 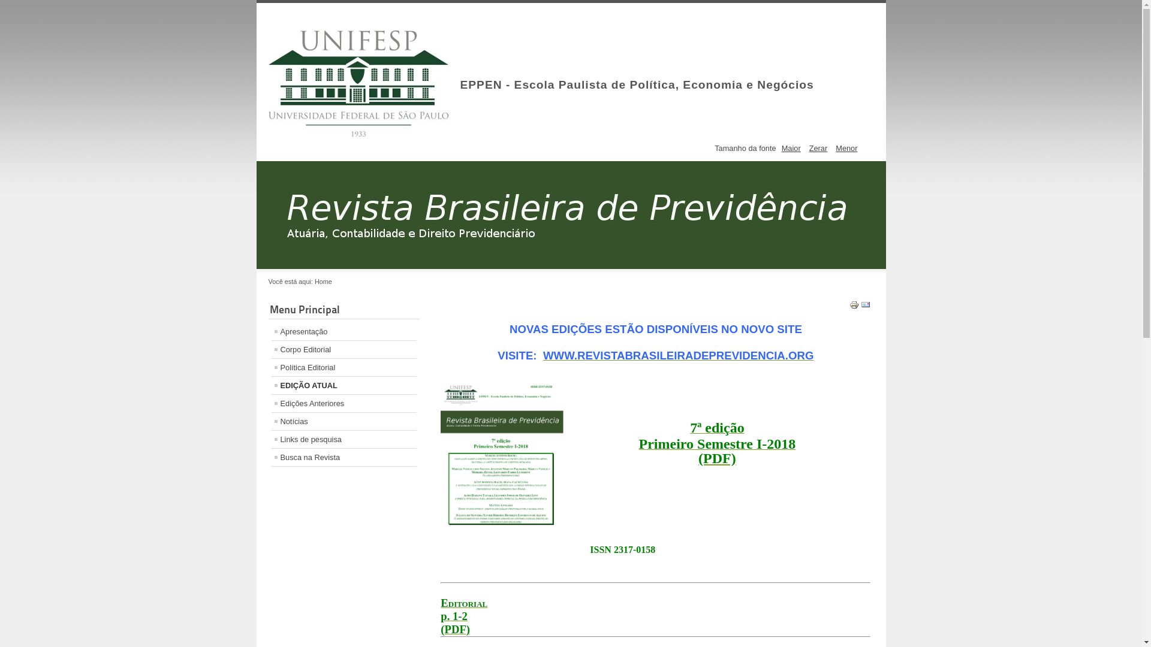 What do you see at coordinates (439, 603) in the screenshot?
I see `'Editorial'` at bounding box center [439, 603].